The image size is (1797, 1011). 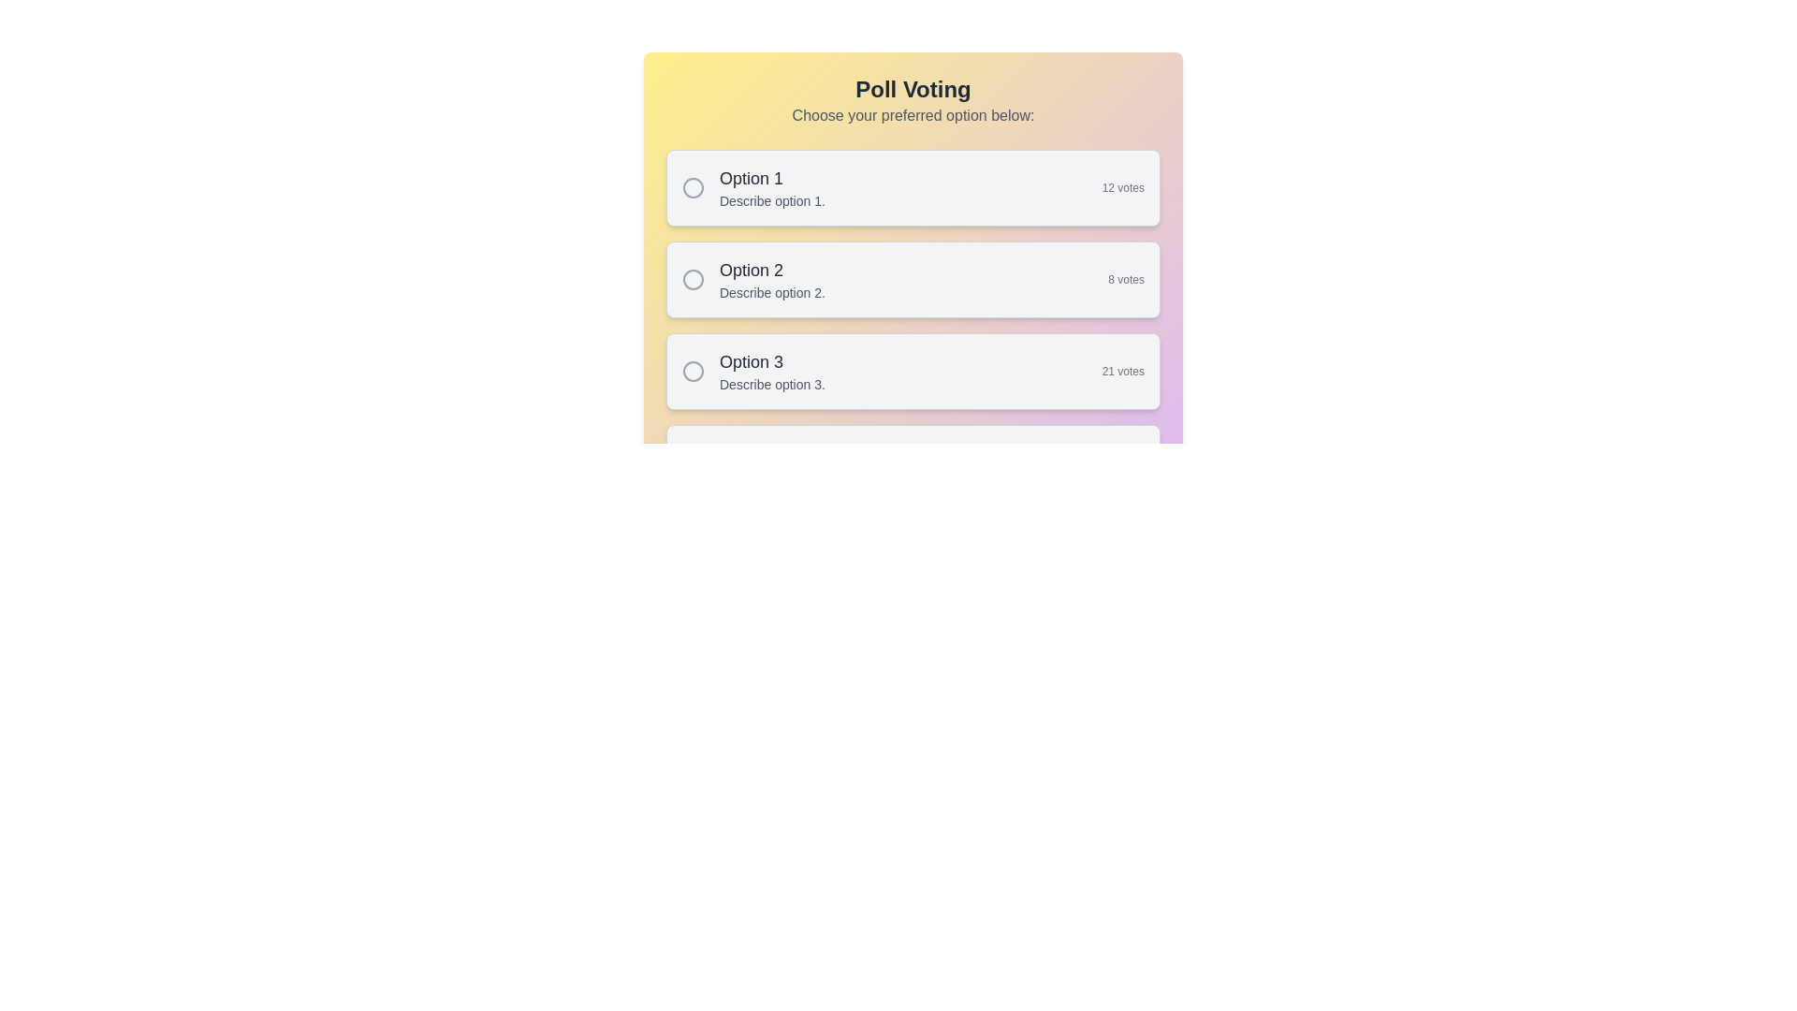 What do you see at coordinates (1125, 280) in the screenshot?
I see `the static text display that shows the number of votes for the second option in the poll, located in the top-right corner of the second option card, next to 'Describe option 2.'` at bounding box center [1125, 280].